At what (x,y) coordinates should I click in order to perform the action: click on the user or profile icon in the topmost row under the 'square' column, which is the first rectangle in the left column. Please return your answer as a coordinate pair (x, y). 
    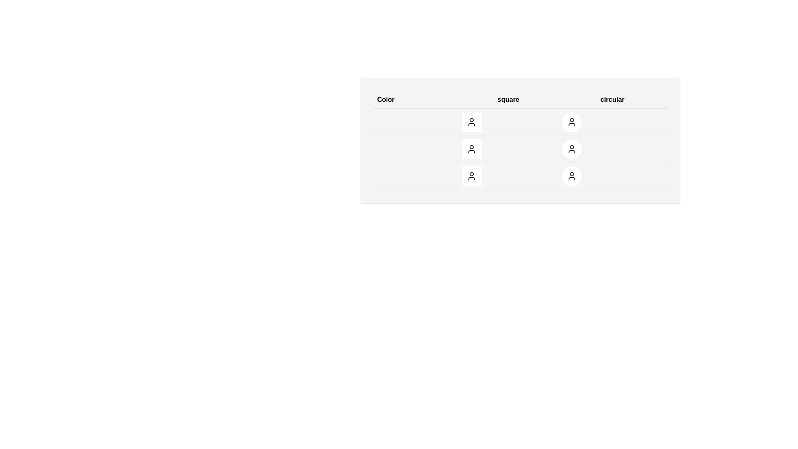
    Looking at the image, I should click on (471, 122).